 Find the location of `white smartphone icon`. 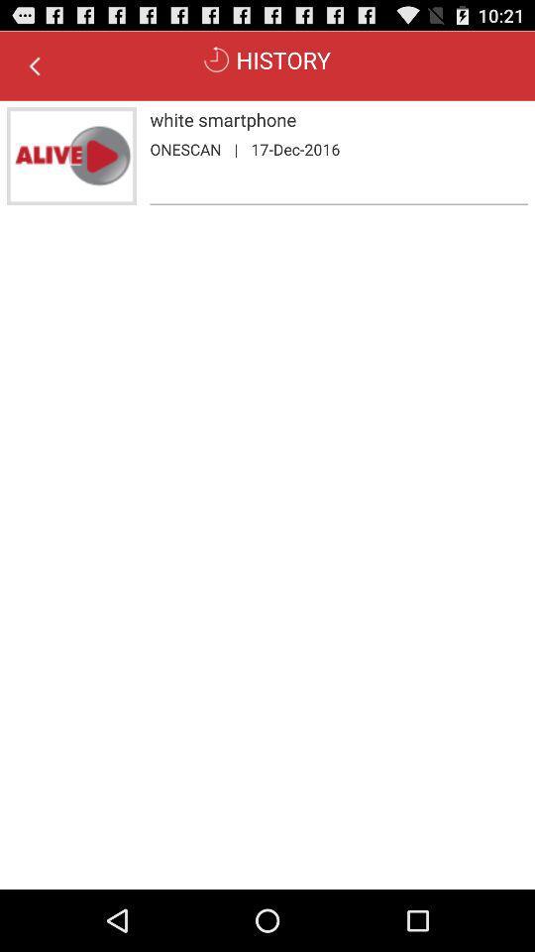

white smartphone icon is located at coordinates (338, 119).